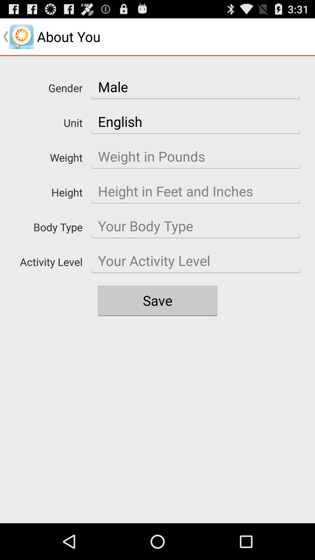 Image resolution: width=315 pixels, height=560 pixels. Describe the element at coordinates (196, 226) in the screenshot. I see `body type entry` at that location.